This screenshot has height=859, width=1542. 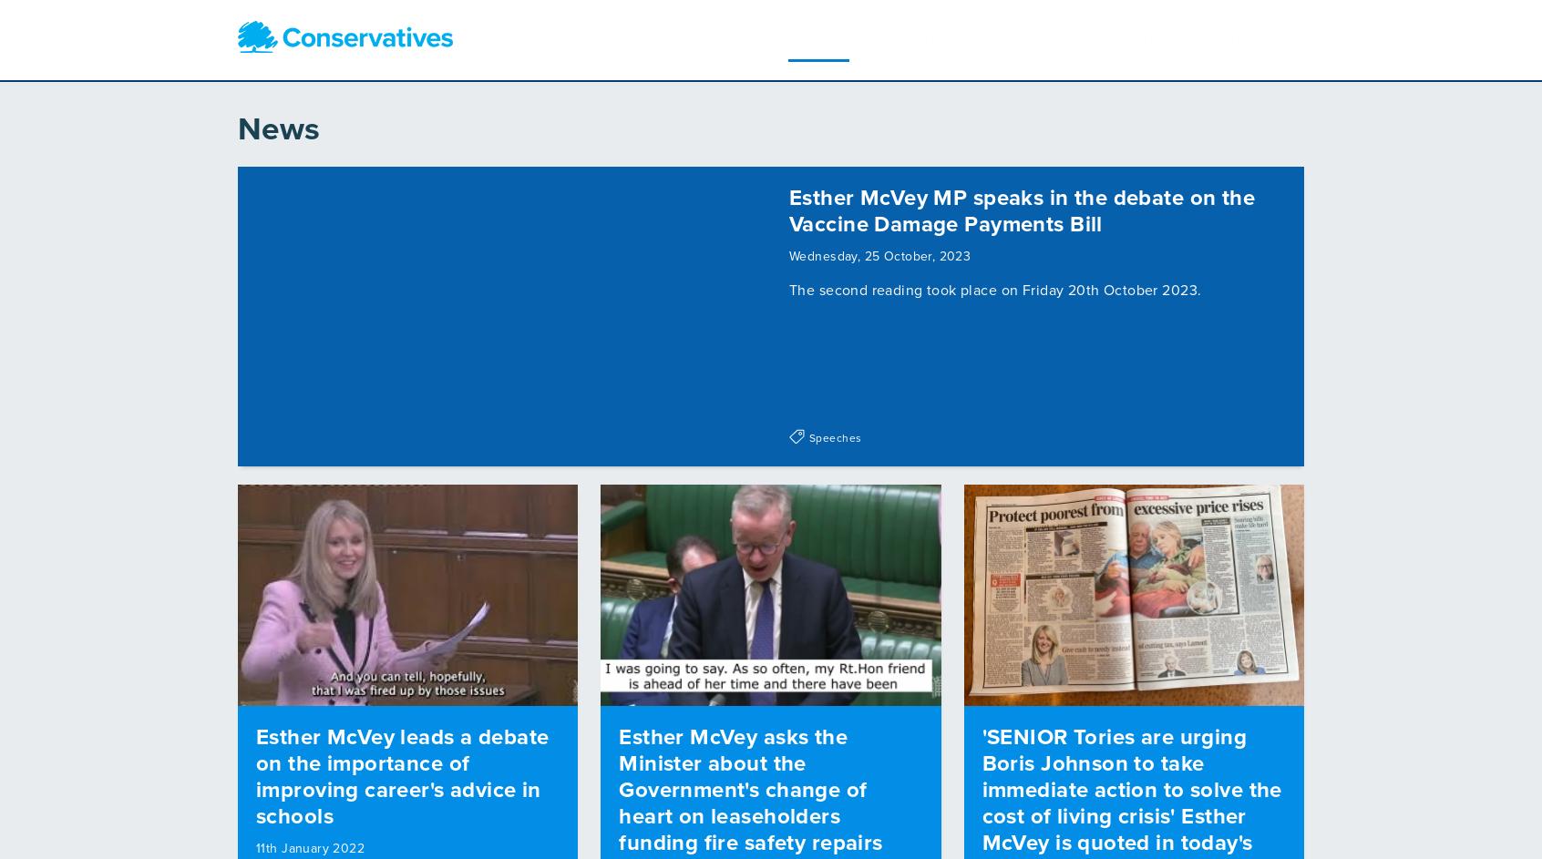 I want to click on 'Contact', so click(x=1091, y=36).